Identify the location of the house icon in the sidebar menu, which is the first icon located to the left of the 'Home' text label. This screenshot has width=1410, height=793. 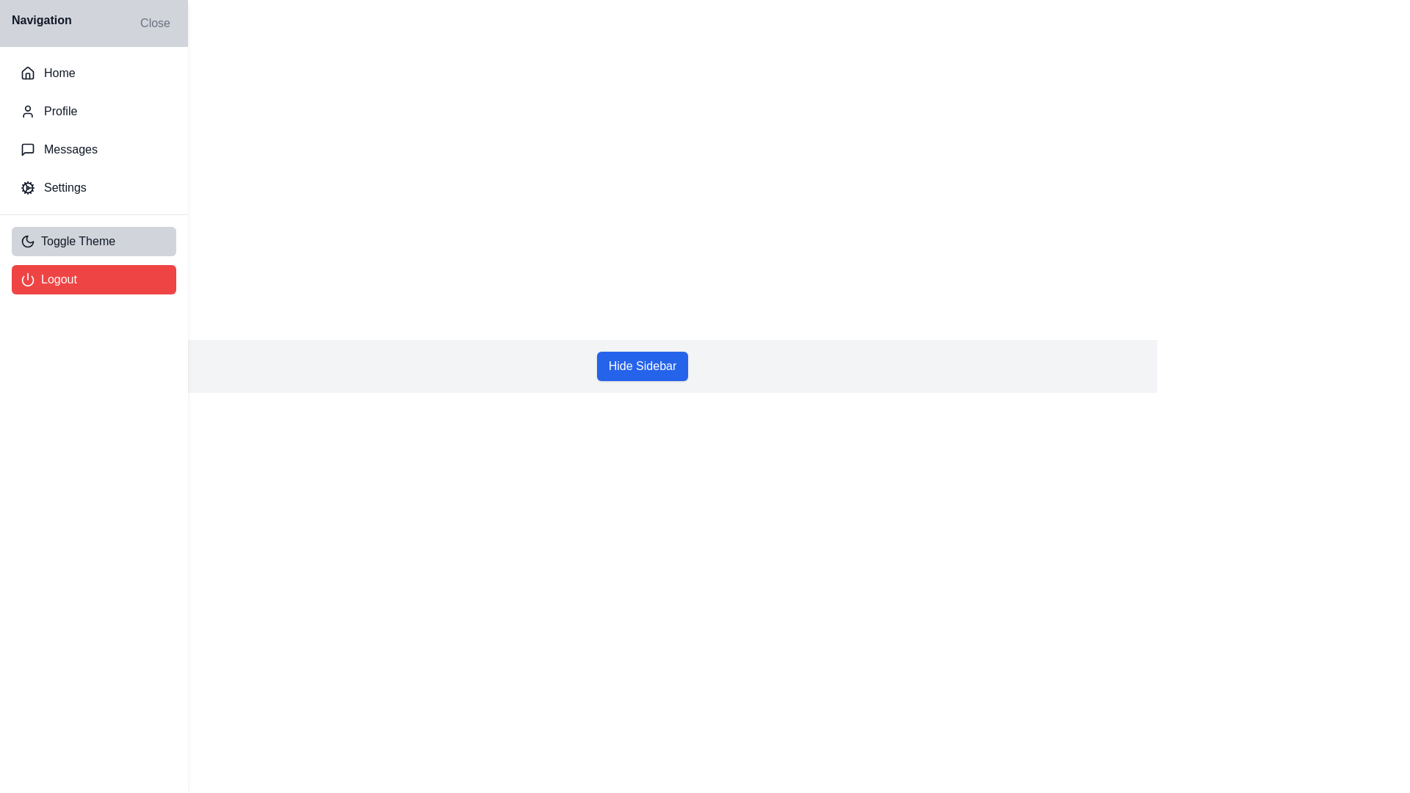
(28, 73).